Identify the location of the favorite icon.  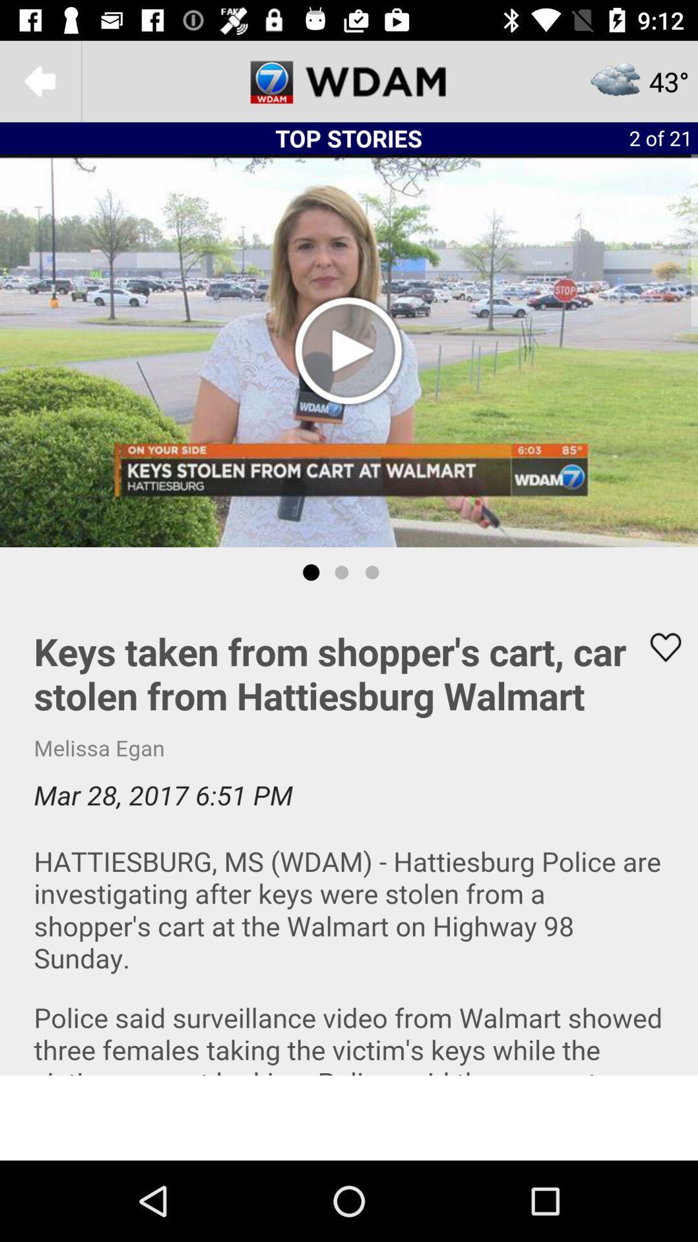
(657, 647).